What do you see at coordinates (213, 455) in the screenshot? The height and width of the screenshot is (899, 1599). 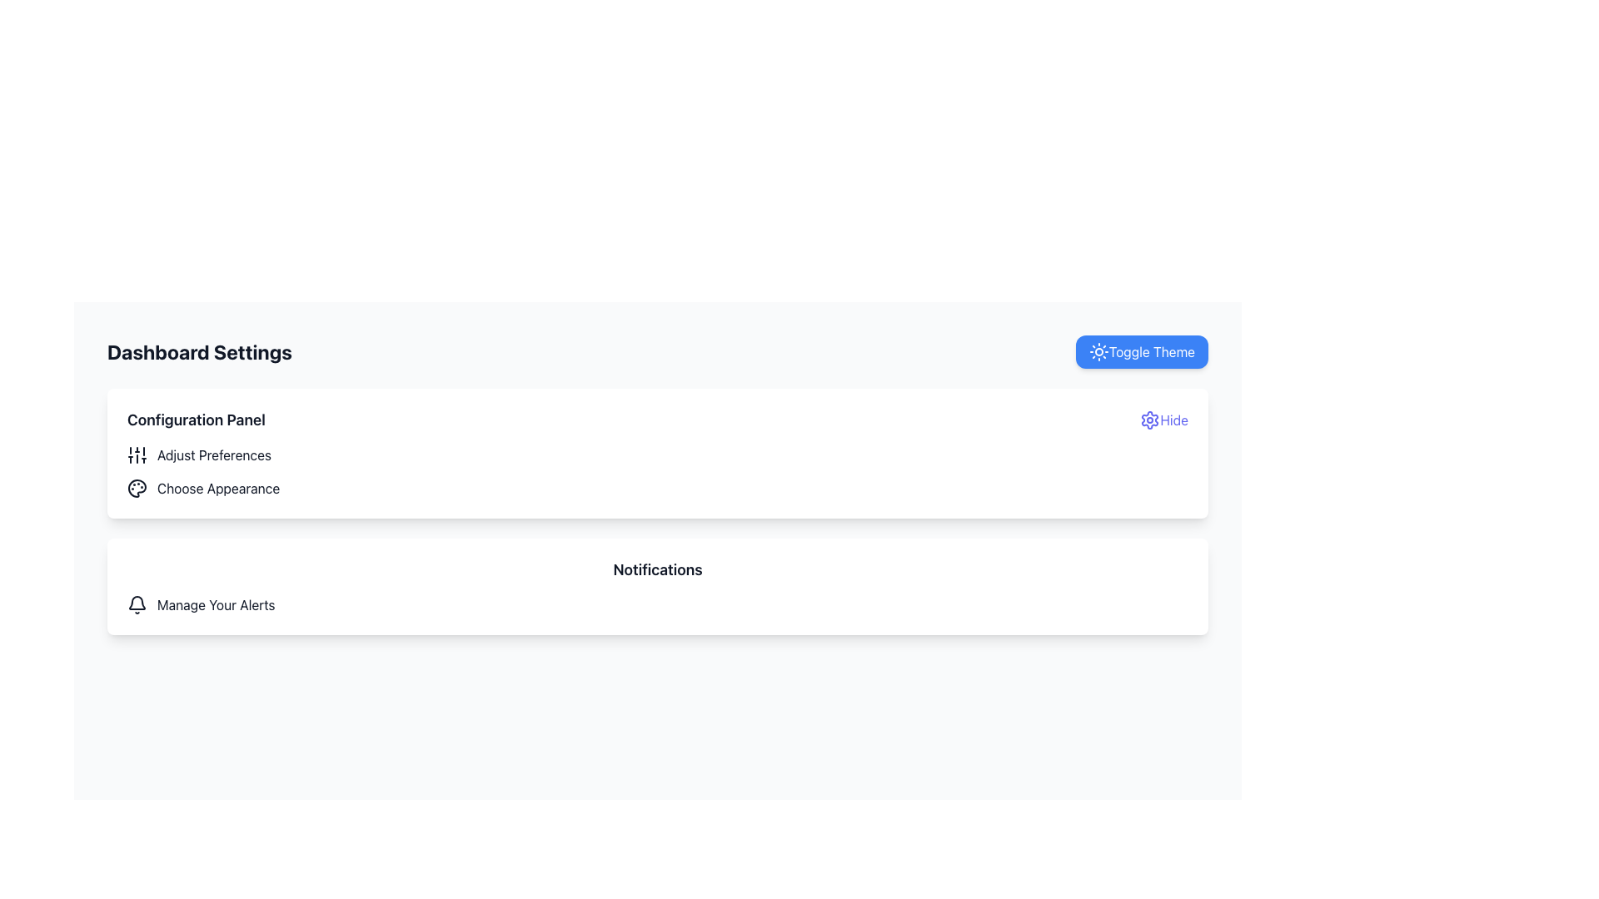 I see `text content of the first text label in the 'Configuration Panel' section, which serves as an indicator for adjusting preferences` at bounding box center [213, 455].